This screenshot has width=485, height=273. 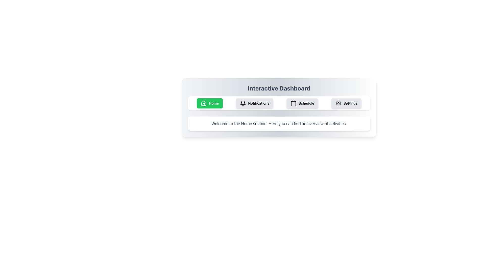 What do you see at coordinates (259, 103) in the screenshot?
I see `the 'Notifications' label text, which is displayed in bold sans-serif font and is positioned to the right of the bell icon in the second navigation button` at bounding box center [259, 103].